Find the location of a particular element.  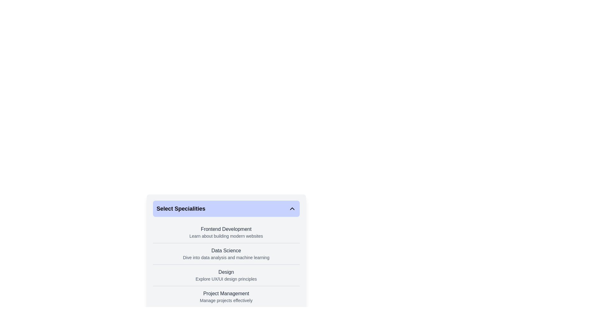

the third list item labeled 'Design' in the 'Select Specialities' section is located at coordinates (226, 275).